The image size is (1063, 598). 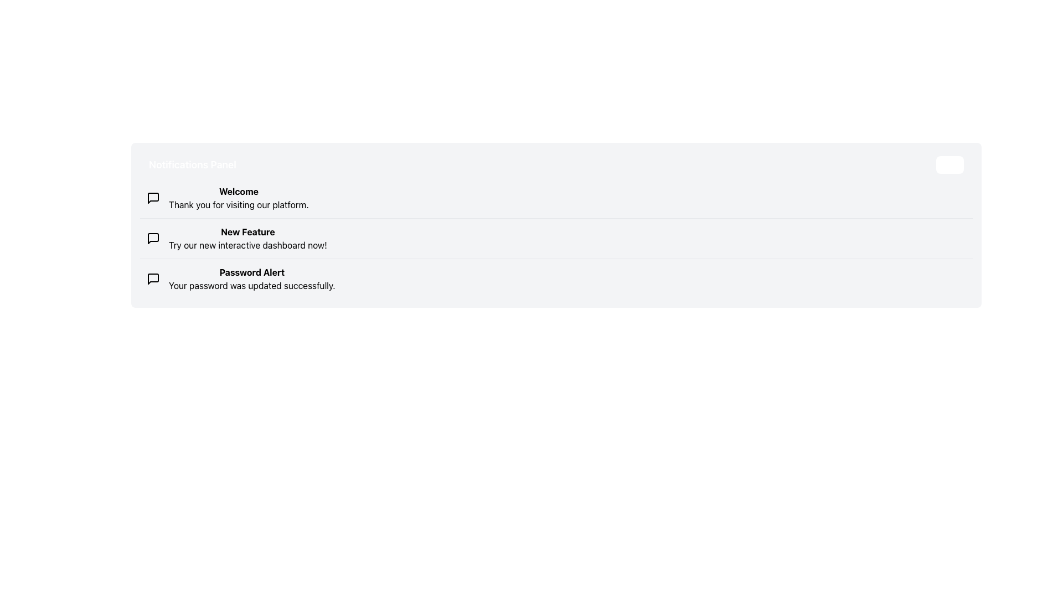 I want to click on contents of the Notification item that informs the user about the new interactive dashboard feature, located in the Notifications Panel between 'Welcome' and 'Password Alert', so click(x=556, y=237).